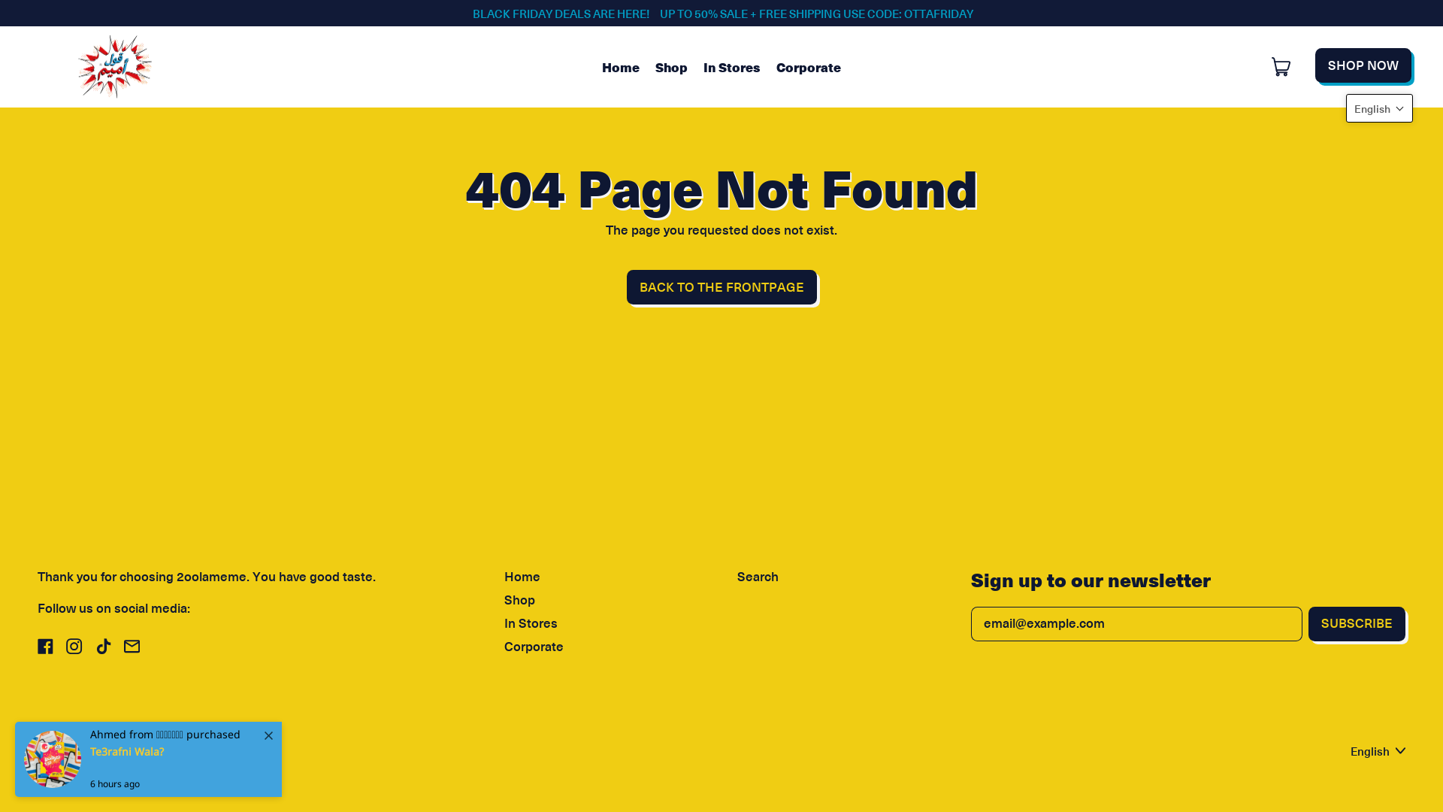 The height and width of the screenshot is (812, 1443). I want to click on 'Shop', so click(519, 599).